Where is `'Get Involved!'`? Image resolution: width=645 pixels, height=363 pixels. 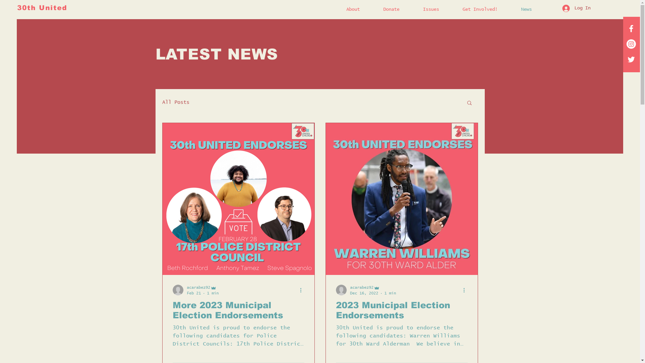
'Get Involved!' is located at coordinates (487, 9).